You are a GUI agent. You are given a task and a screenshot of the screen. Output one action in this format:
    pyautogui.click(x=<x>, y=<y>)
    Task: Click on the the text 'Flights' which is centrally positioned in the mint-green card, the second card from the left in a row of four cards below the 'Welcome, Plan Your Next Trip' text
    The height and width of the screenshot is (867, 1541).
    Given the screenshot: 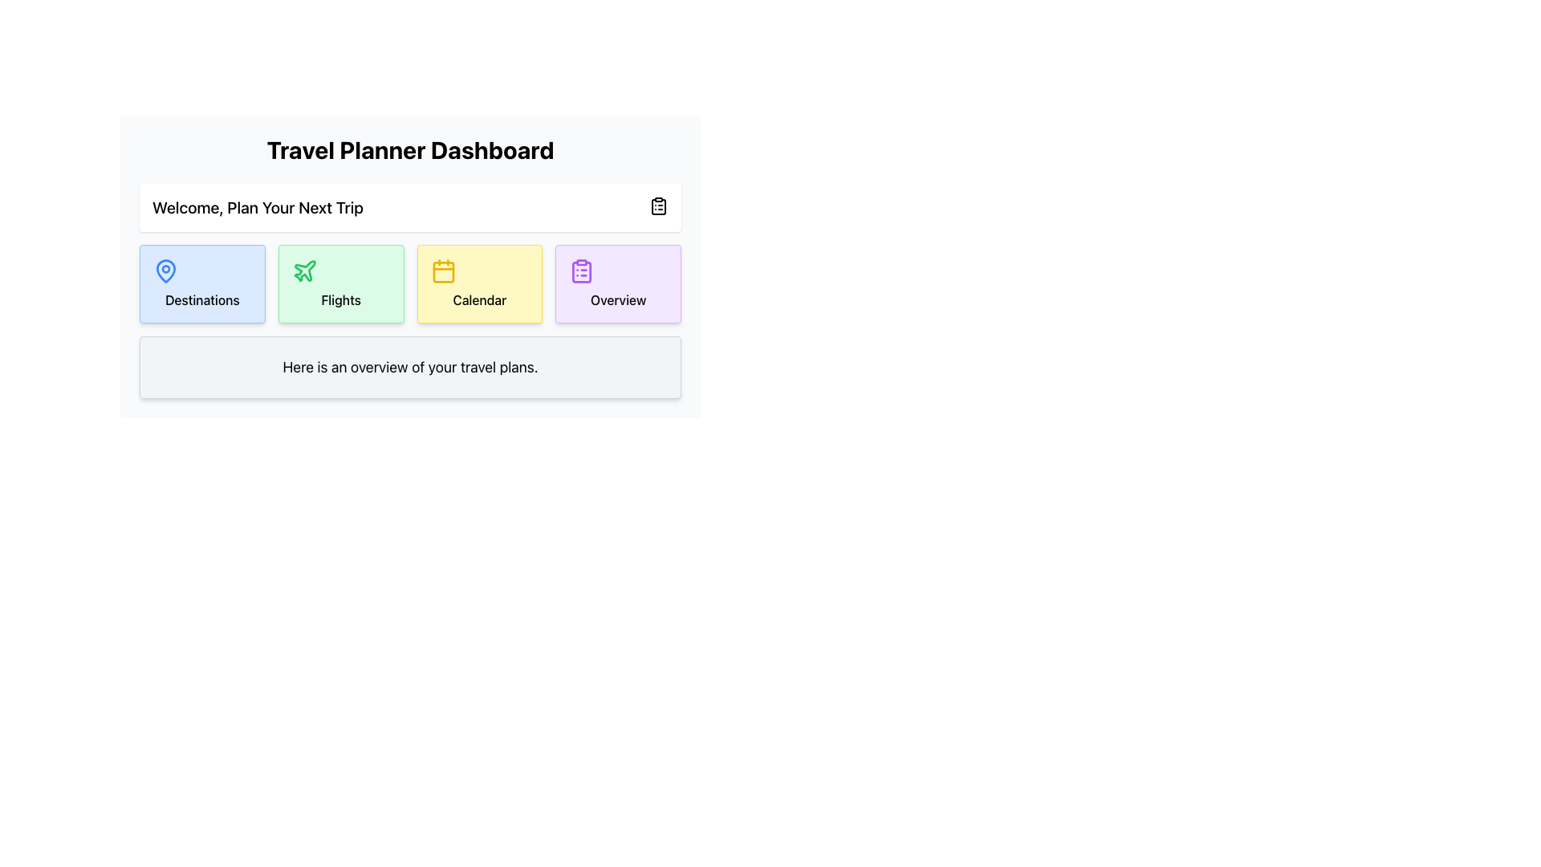 What is the action you would take?
    pyautogui.click(x=340, y=300)
    